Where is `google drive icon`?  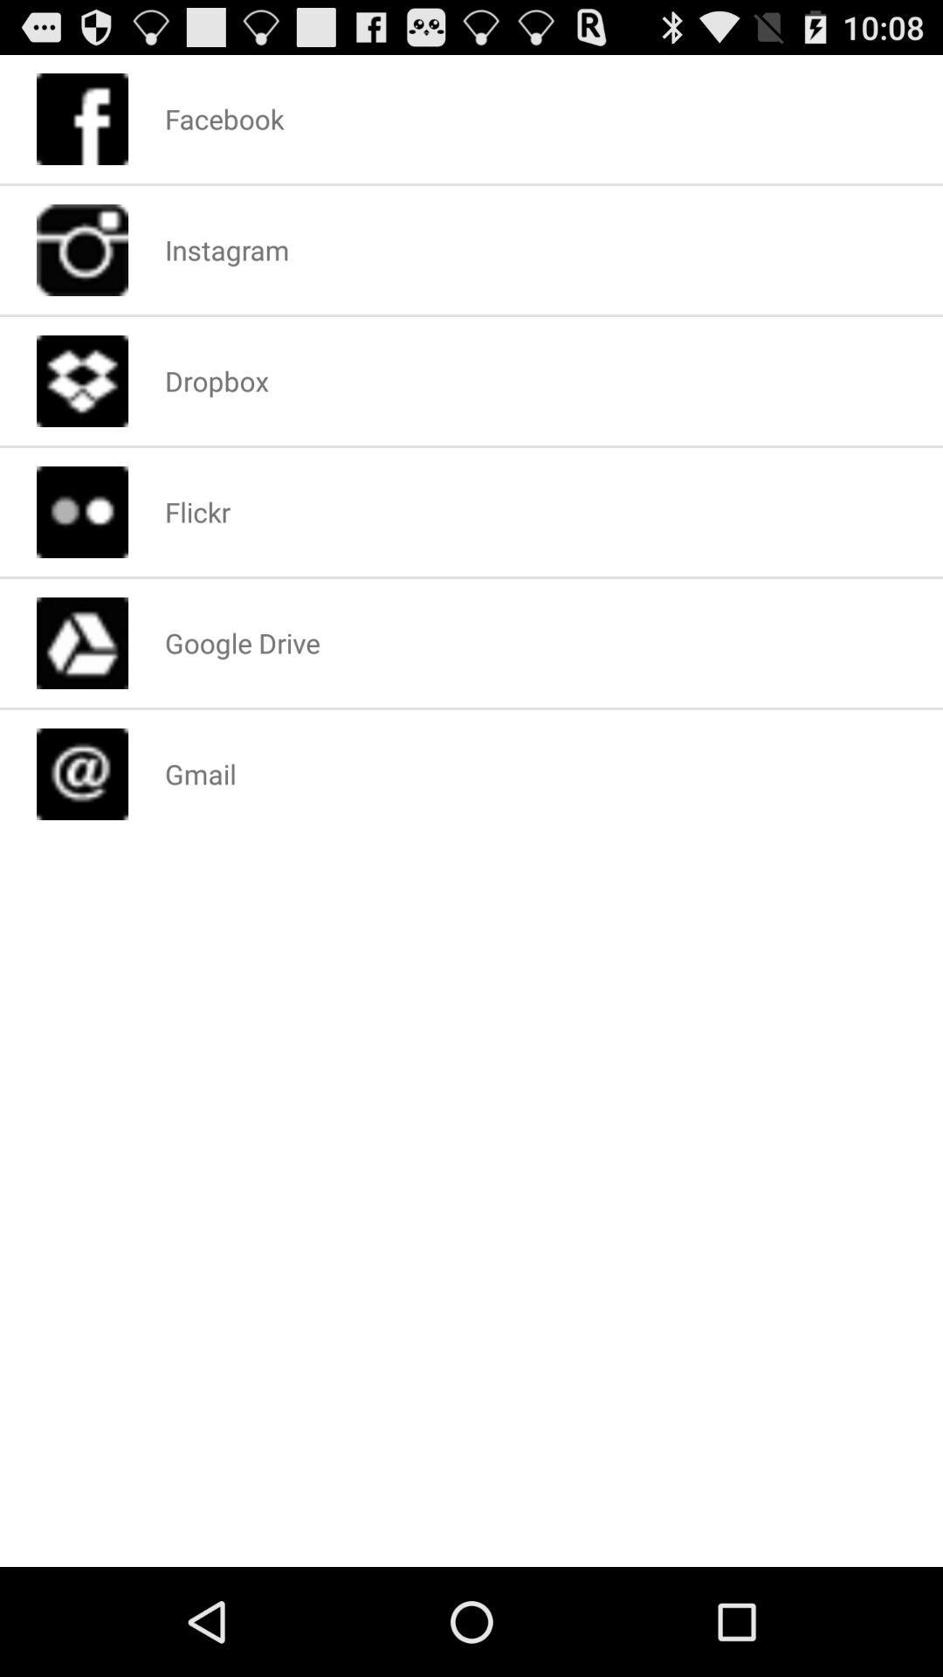
google drive icon is located at coordinates (242, 642).